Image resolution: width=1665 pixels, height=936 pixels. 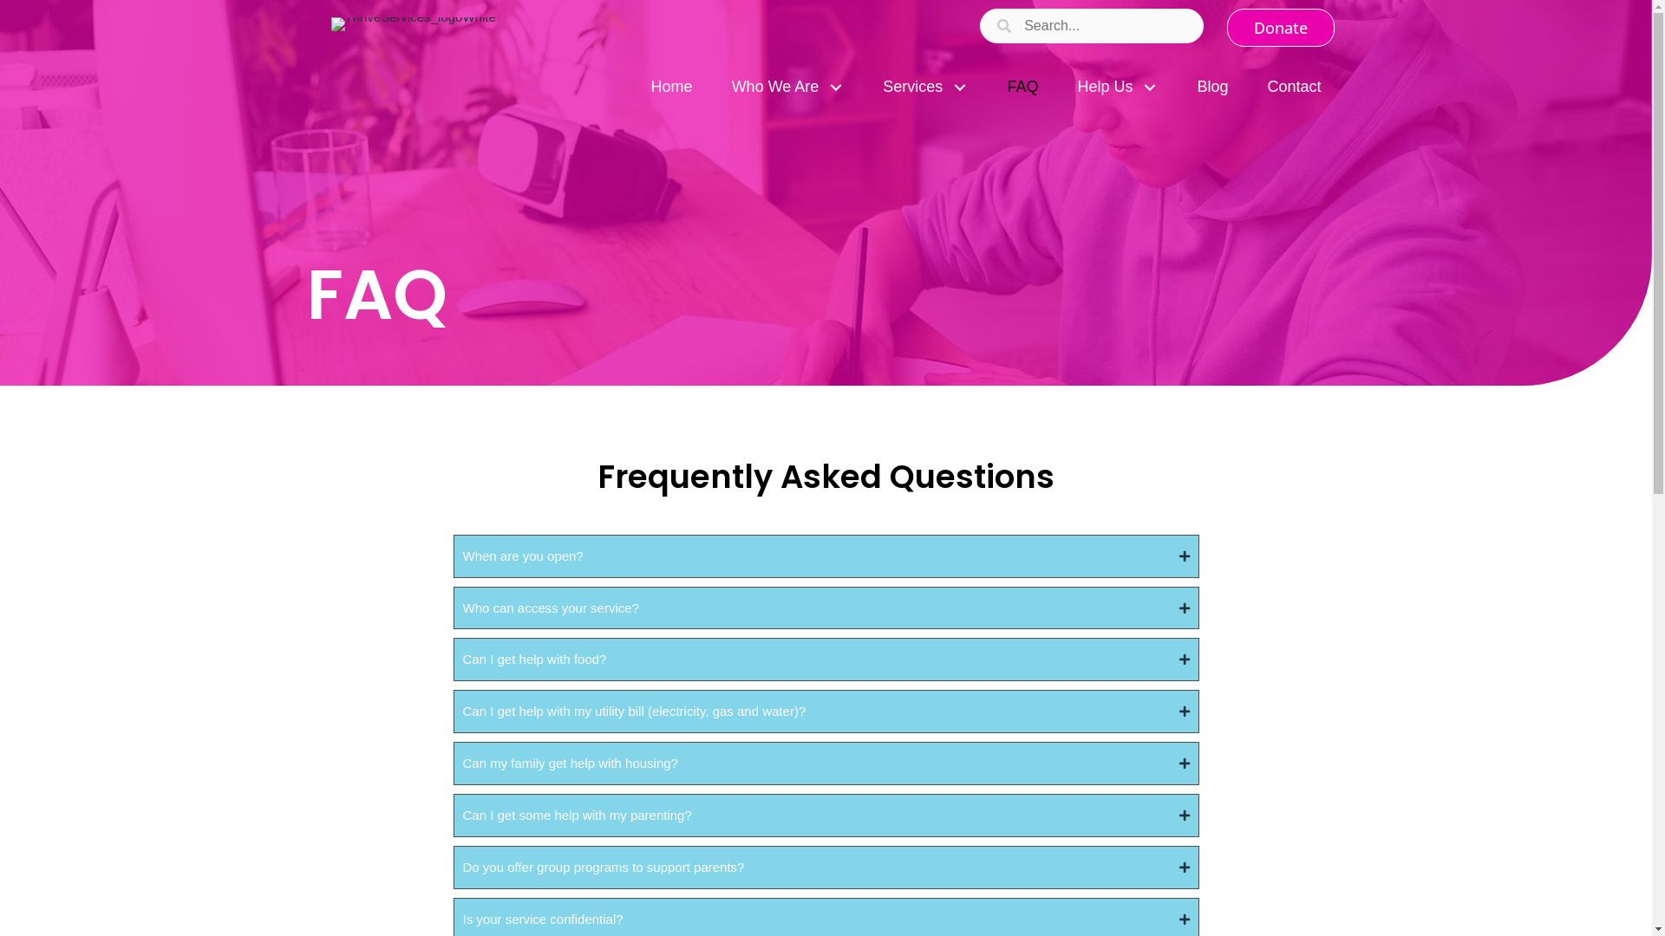 What do you see at coordinates (670, 87) in the screenshot?
I see `'Home'` at bounding box center [670, 87].